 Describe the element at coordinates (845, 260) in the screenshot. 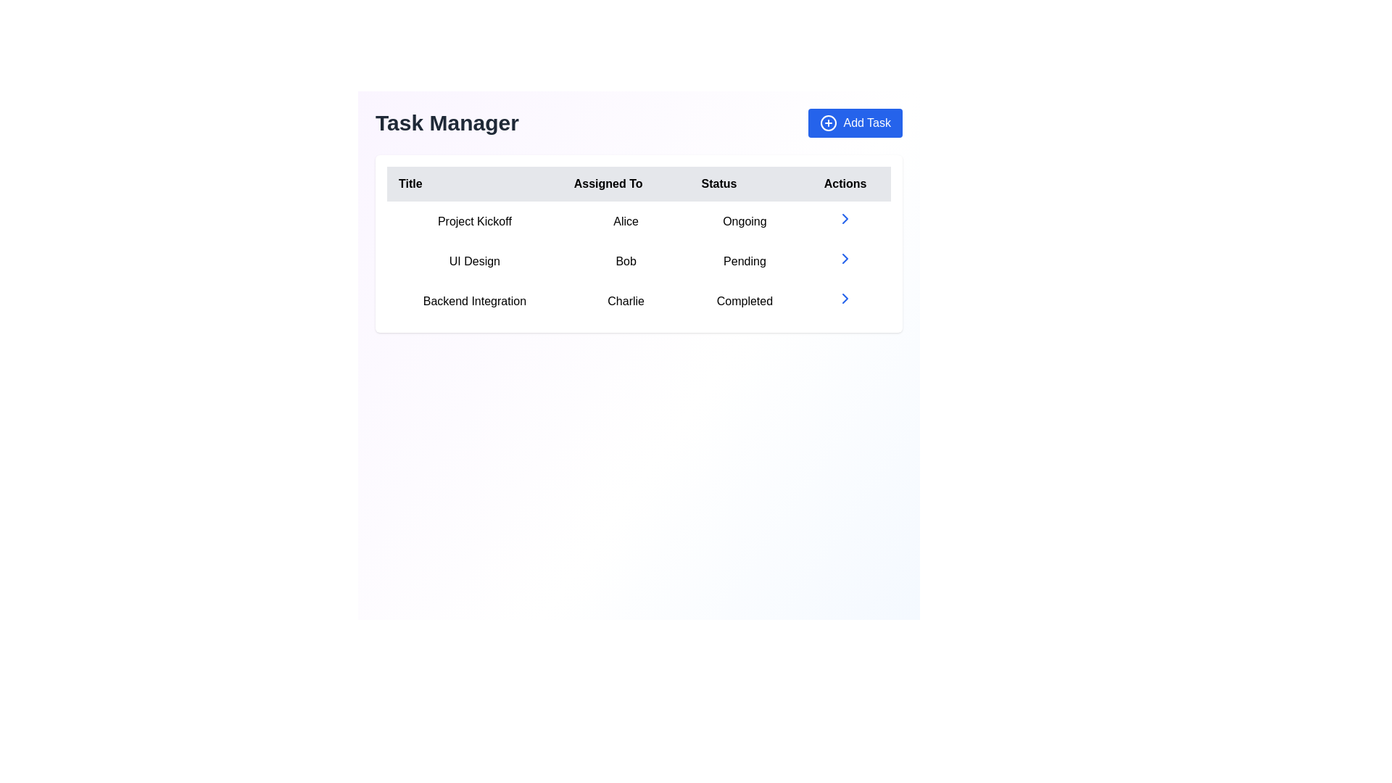

I see `the chevron icon button in the 'Actions' column associated with the 'UI Design' task that has a 'Pending' status` at that location.